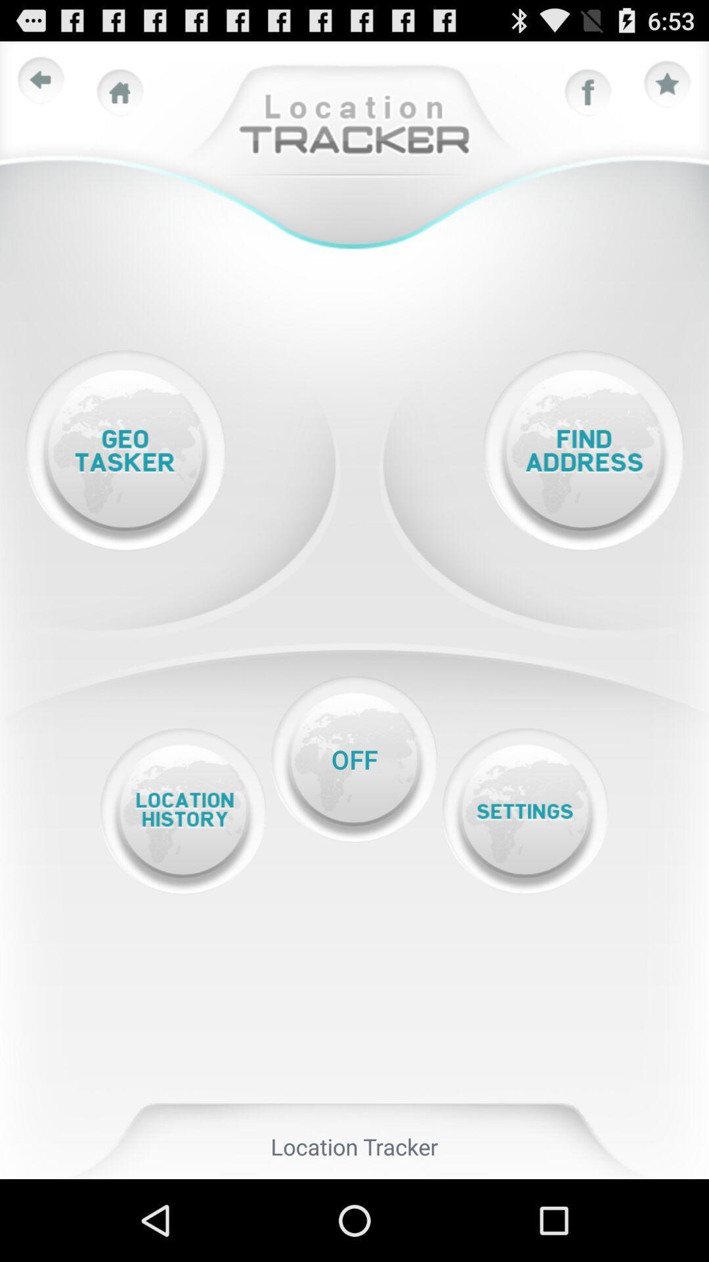 The height and width of the screenshot is (1262, 709). What do you see at coordinates (588, 99) in the screenshot?
I see `the facebook icon` at bounding box center [588, 99].